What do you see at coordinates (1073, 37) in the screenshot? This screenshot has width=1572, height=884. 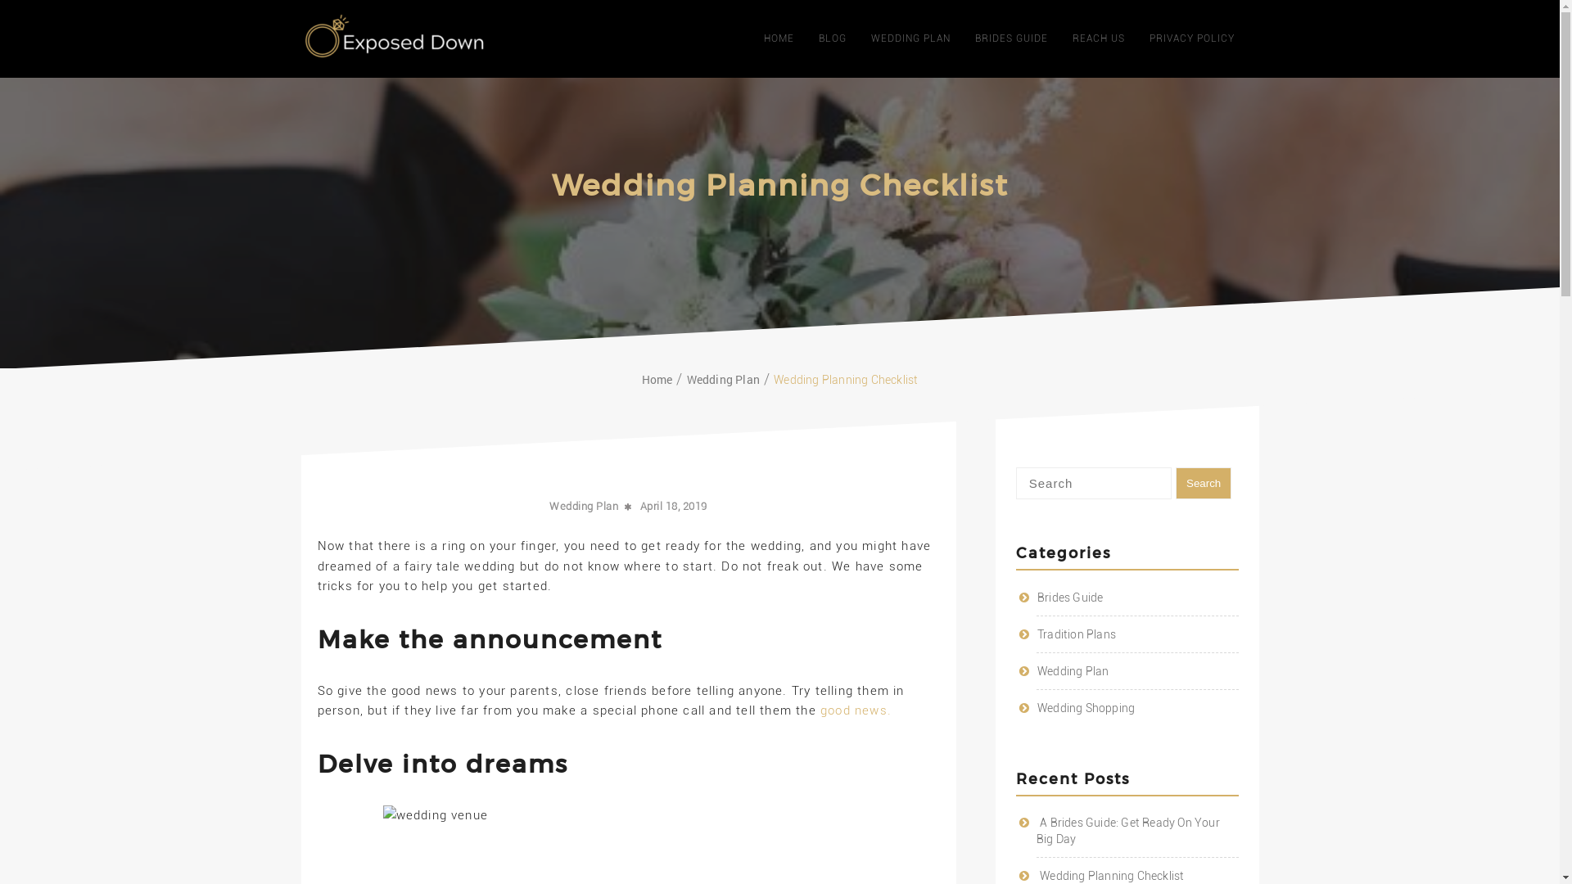 I see `'REACH US'` at bounding box center [1073, 37].